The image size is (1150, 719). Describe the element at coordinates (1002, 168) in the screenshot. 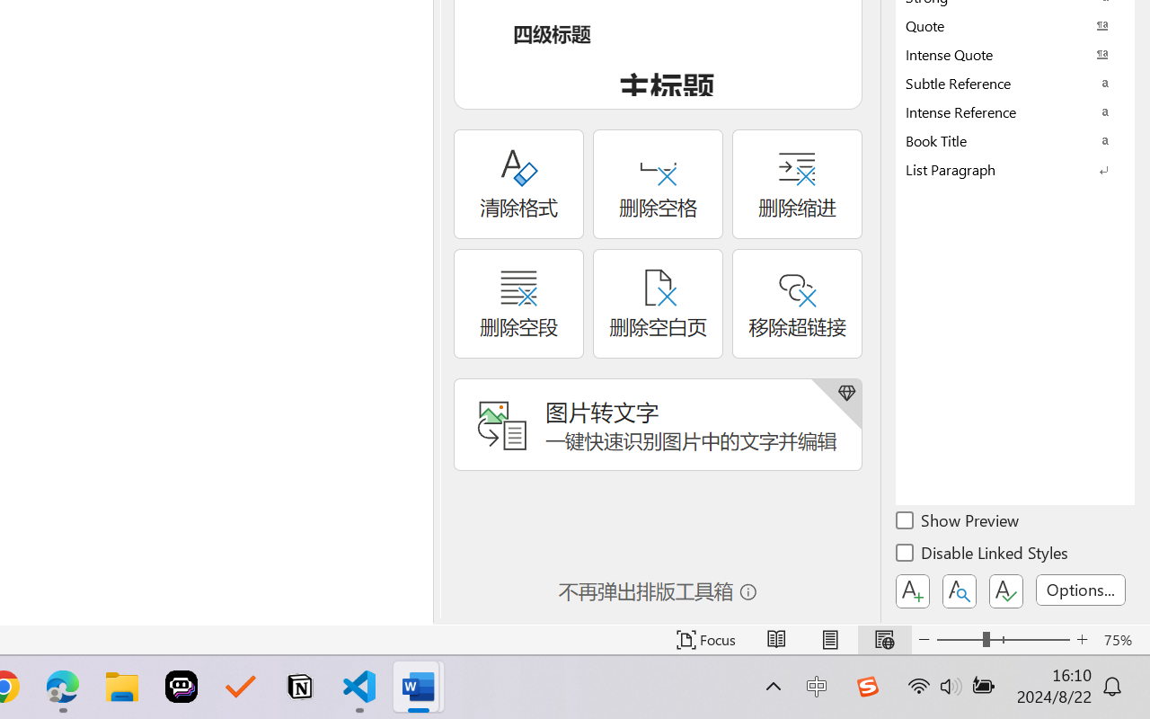

I see `'Class: NetUIImage'` at that location.